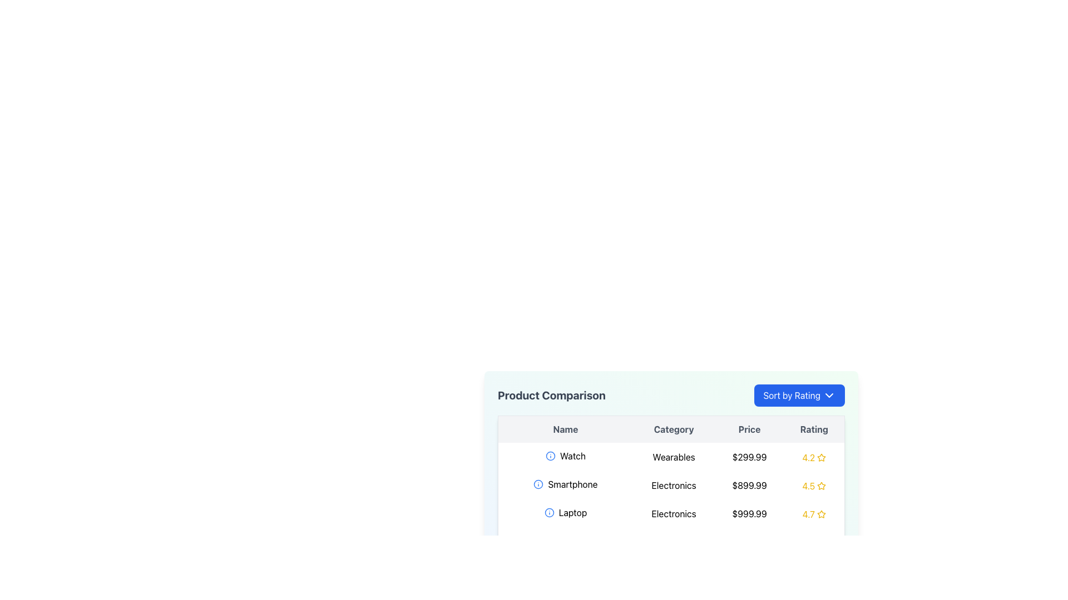 This screenshot has width=1068, height=600. I want to click on the Rating Display element located in the fourth column of the first row of the 'Product Comparison' section, which shows the product rating using star icons, so click(814, 458).